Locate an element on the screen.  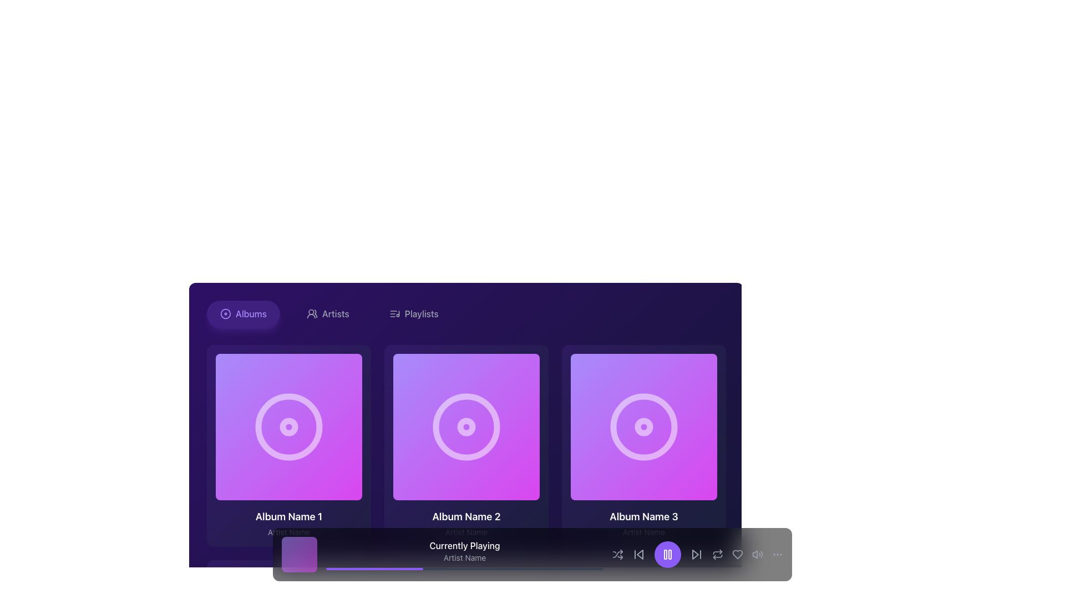
the Artists icon located in the top navigation bar, which visually represents the 'Artists' menu item is located at coordinates (311, 314).